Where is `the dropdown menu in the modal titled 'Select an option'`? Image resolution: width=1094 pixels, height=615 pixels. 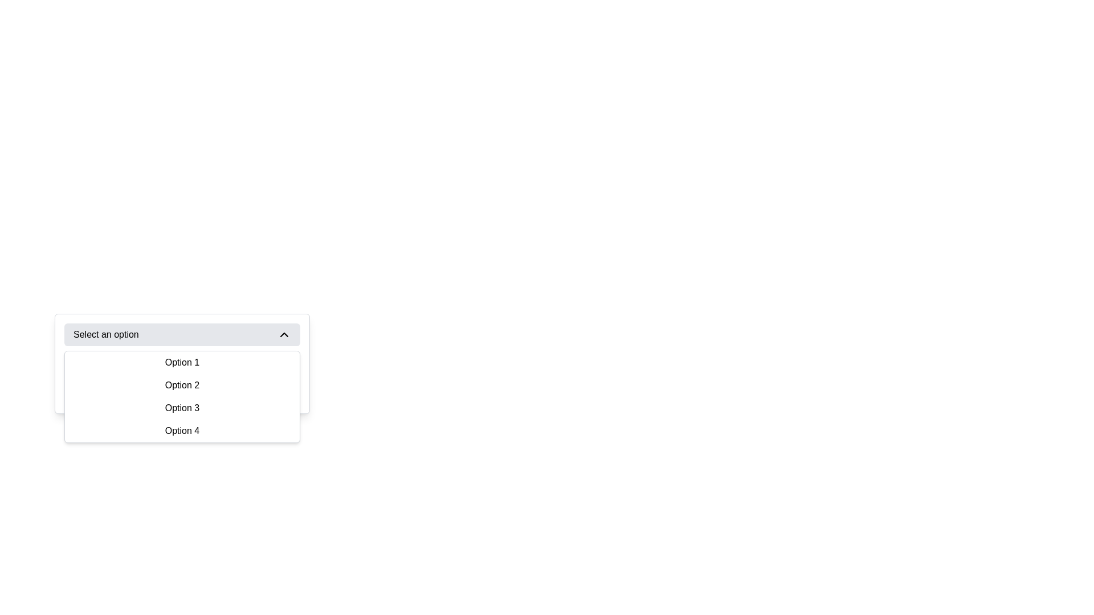 the dropdown menu in the modal titled 'Select an option' is located at coordinates (281, 447).